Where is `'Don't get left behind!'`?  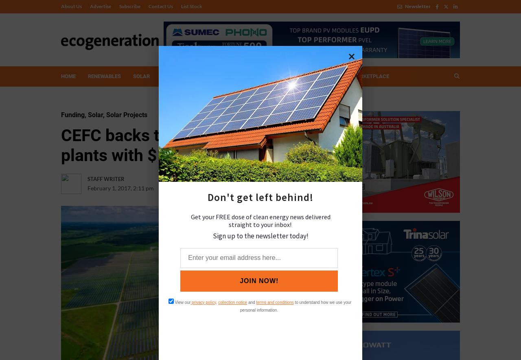 'Don't get left behind!' is located at coordinates (260, 197).